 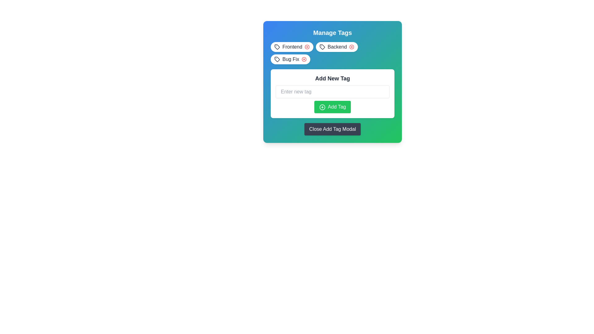 What do you see at coordinates (292, 46) in the screenshot?
I see `the 'Frontend' tag element in the 'Manage Tags' modal, which has an 'x' icon on its right for removal` at bounding box center [292, 46].